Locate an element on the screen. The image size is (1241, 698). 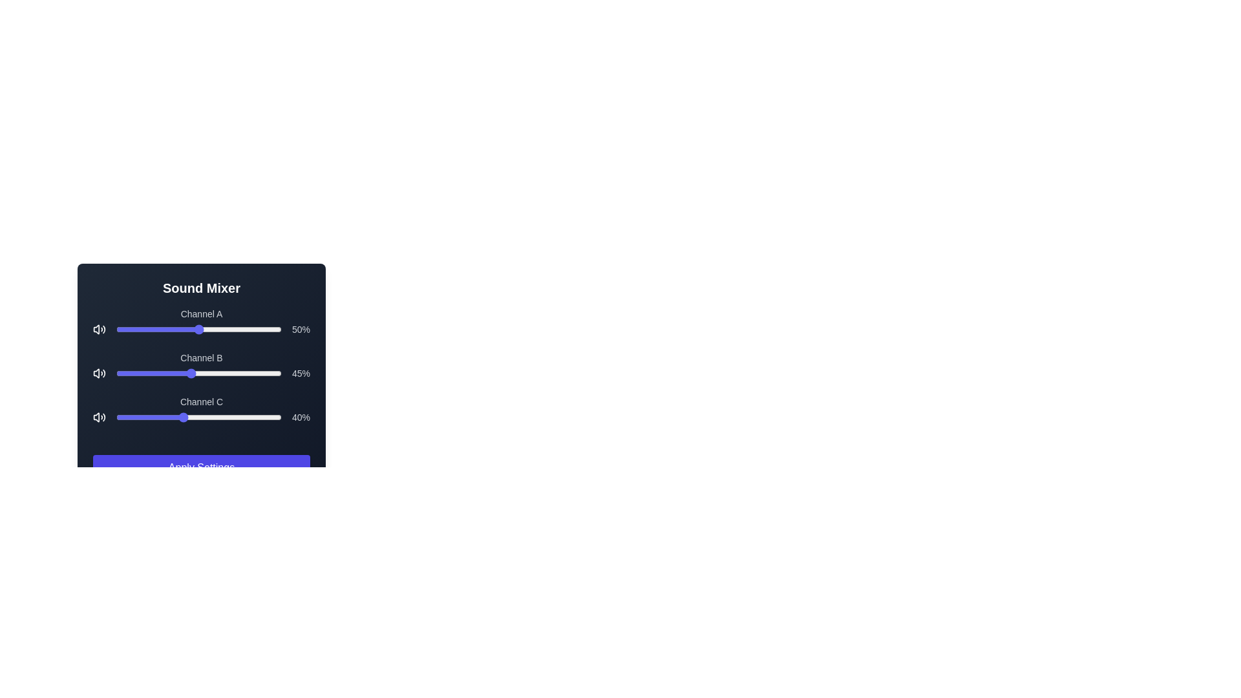
the Channel B volume is located at coordinates (168, 374).